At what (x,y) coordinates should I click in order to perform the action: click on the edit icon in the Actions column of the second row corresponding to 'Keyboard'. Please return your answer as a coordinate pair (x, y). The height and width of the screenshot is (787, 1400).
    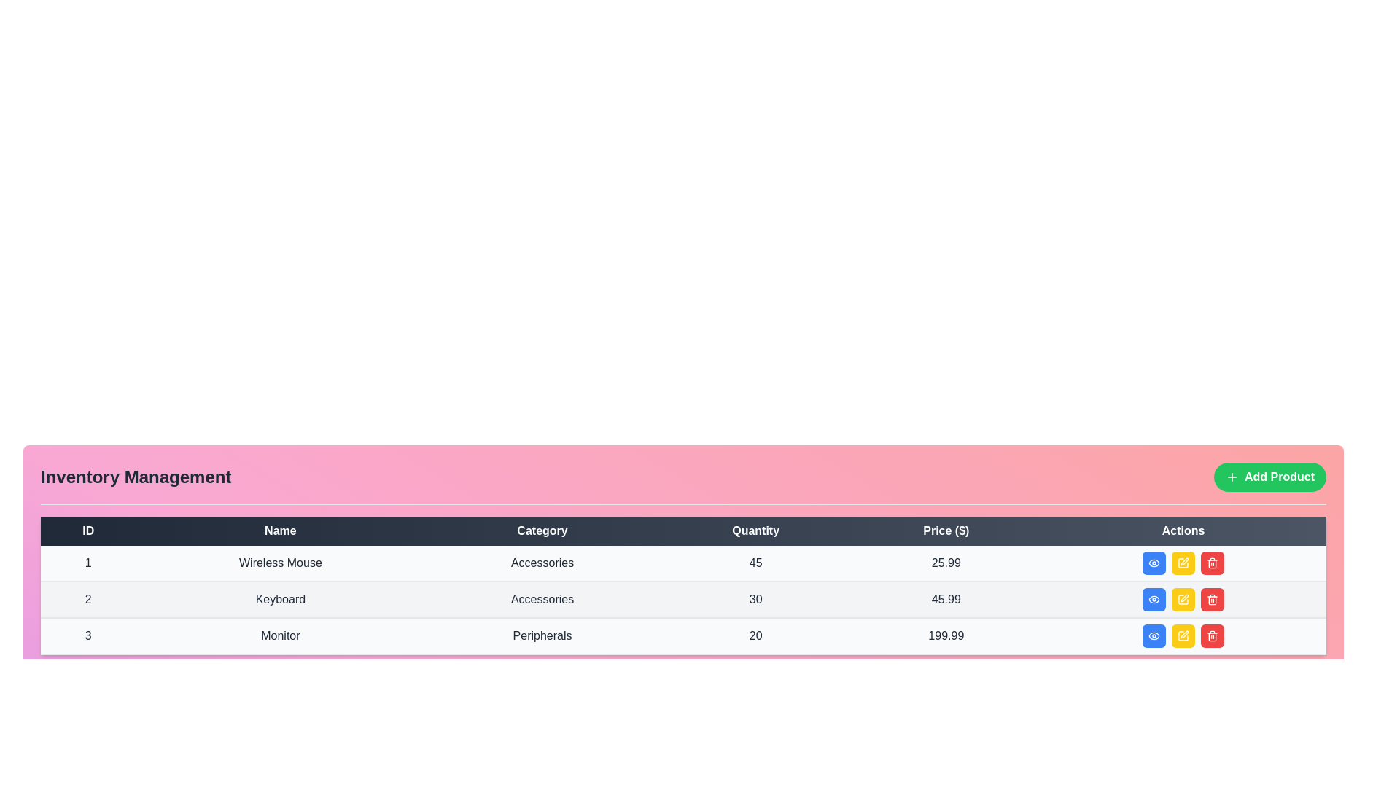
    Looking at the image, I should click on (1183, 562).